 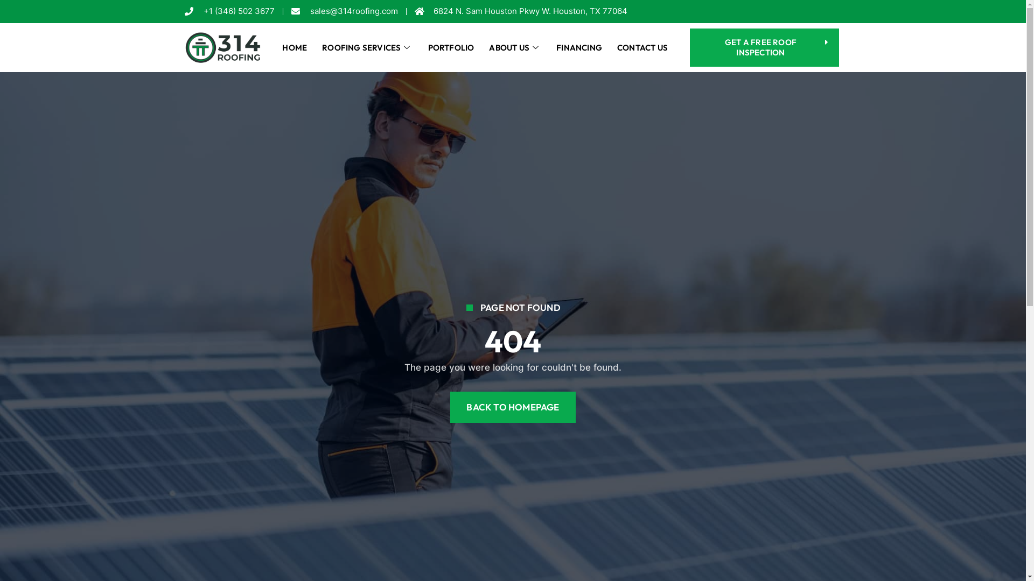 I want to click on 'GET A FREE ROOF INSPECTION', so click(x=690, y=46).